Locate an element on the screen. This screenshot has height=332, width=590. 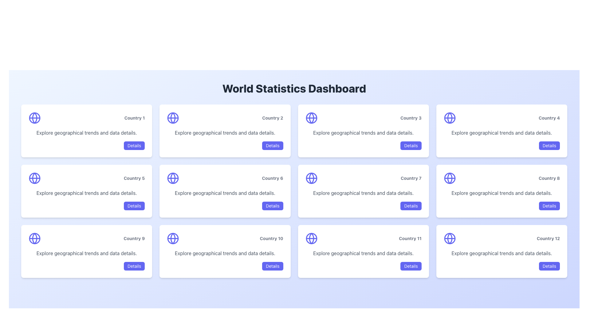
the button located in the bottom-right corner of the second card under the 'World Statistics Dashboard' is located at coordinates (272, 146).